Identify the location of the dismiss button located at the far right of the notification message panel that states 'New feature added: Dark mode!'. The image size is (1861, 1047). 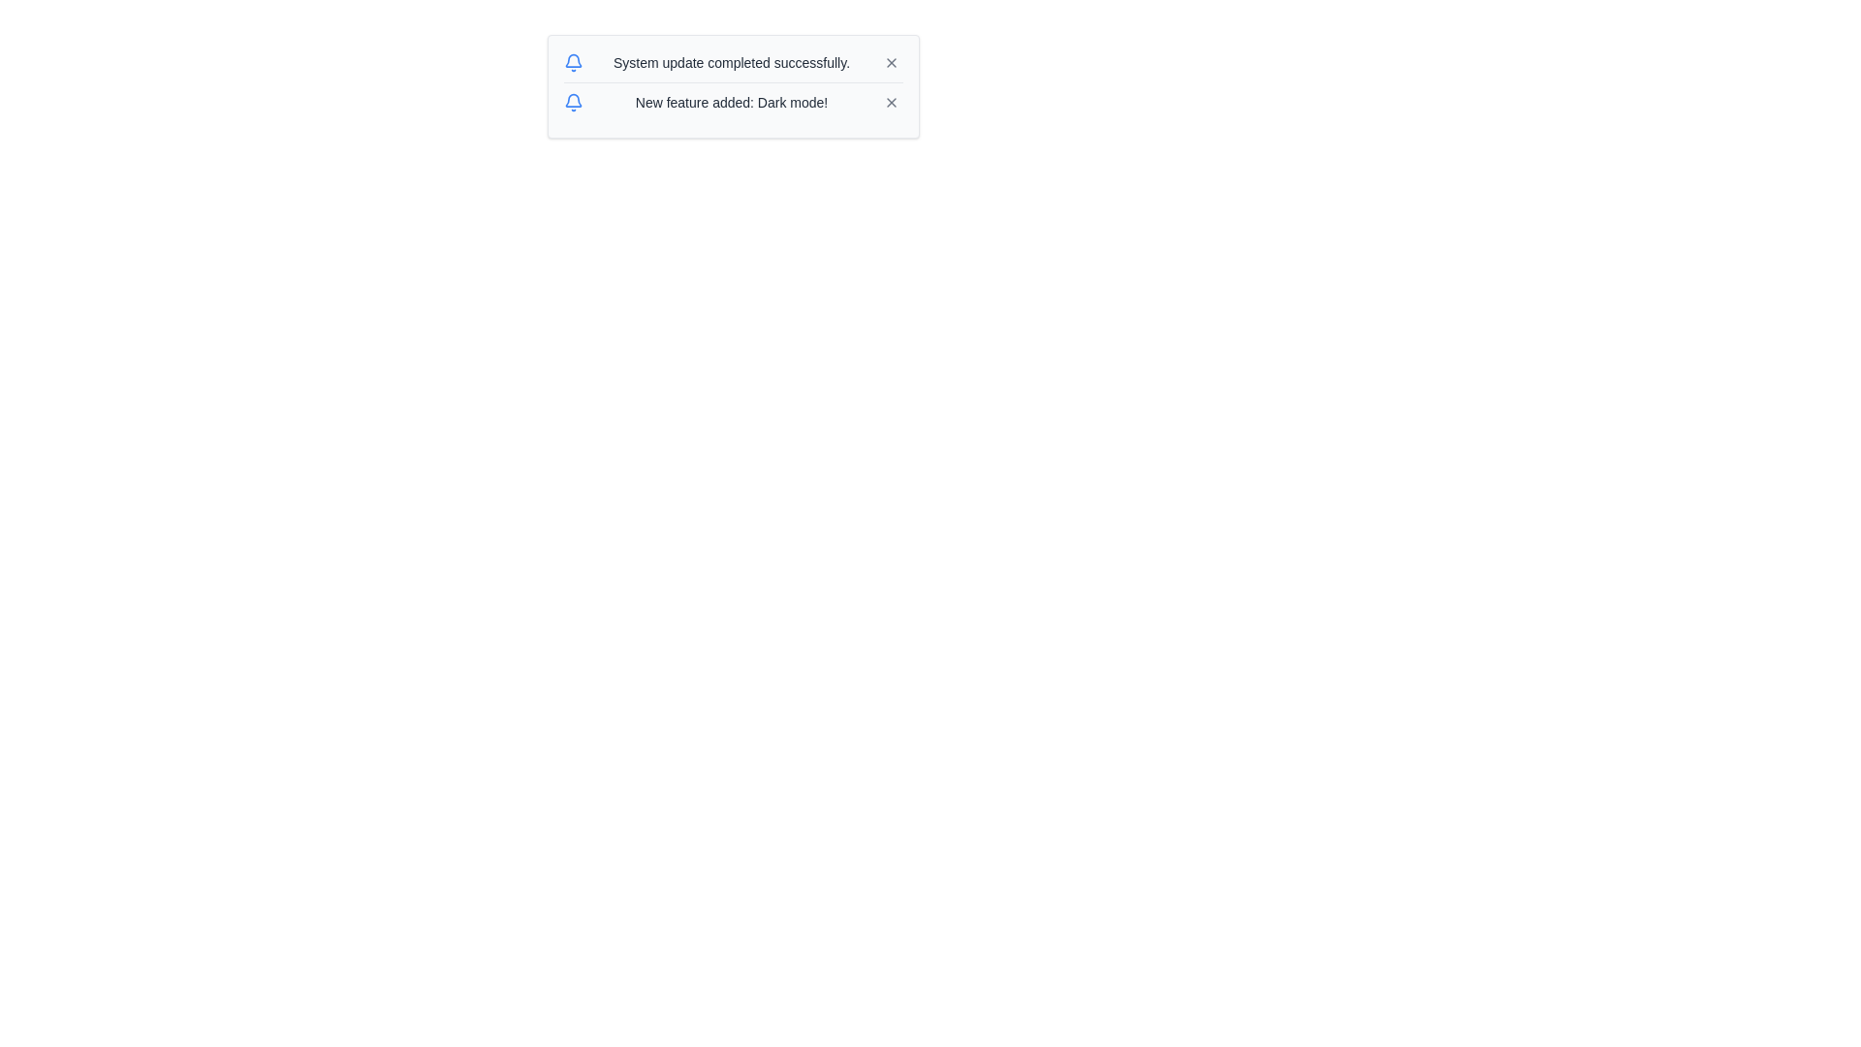
(891, 102).